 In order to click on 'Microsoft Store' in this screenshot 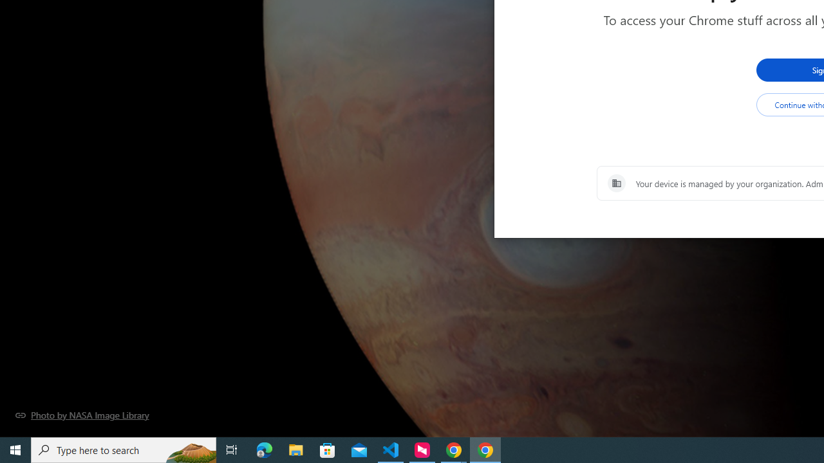, I will do `click(328, 449)`.